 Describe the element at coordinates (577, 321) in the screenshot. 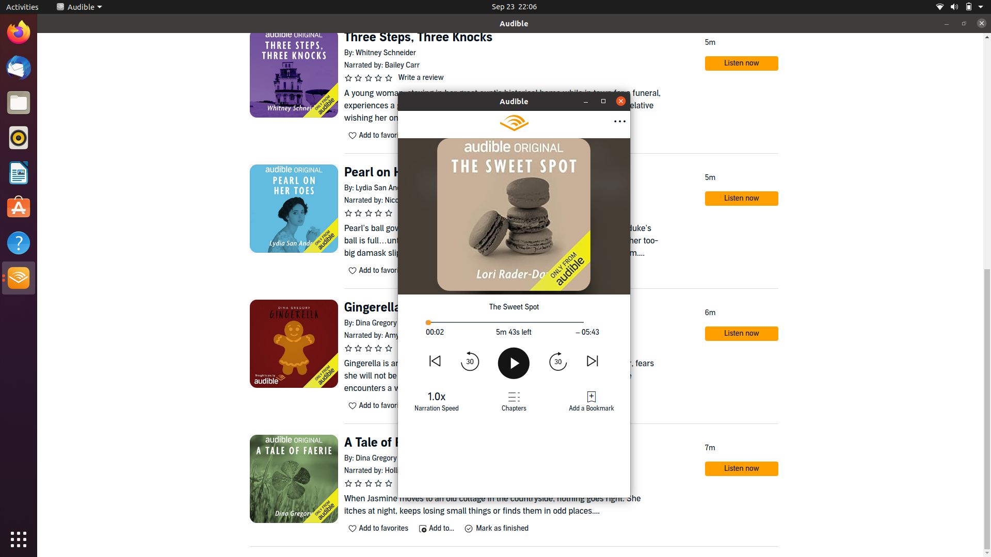

I see `the book"s conclusion` at that location.